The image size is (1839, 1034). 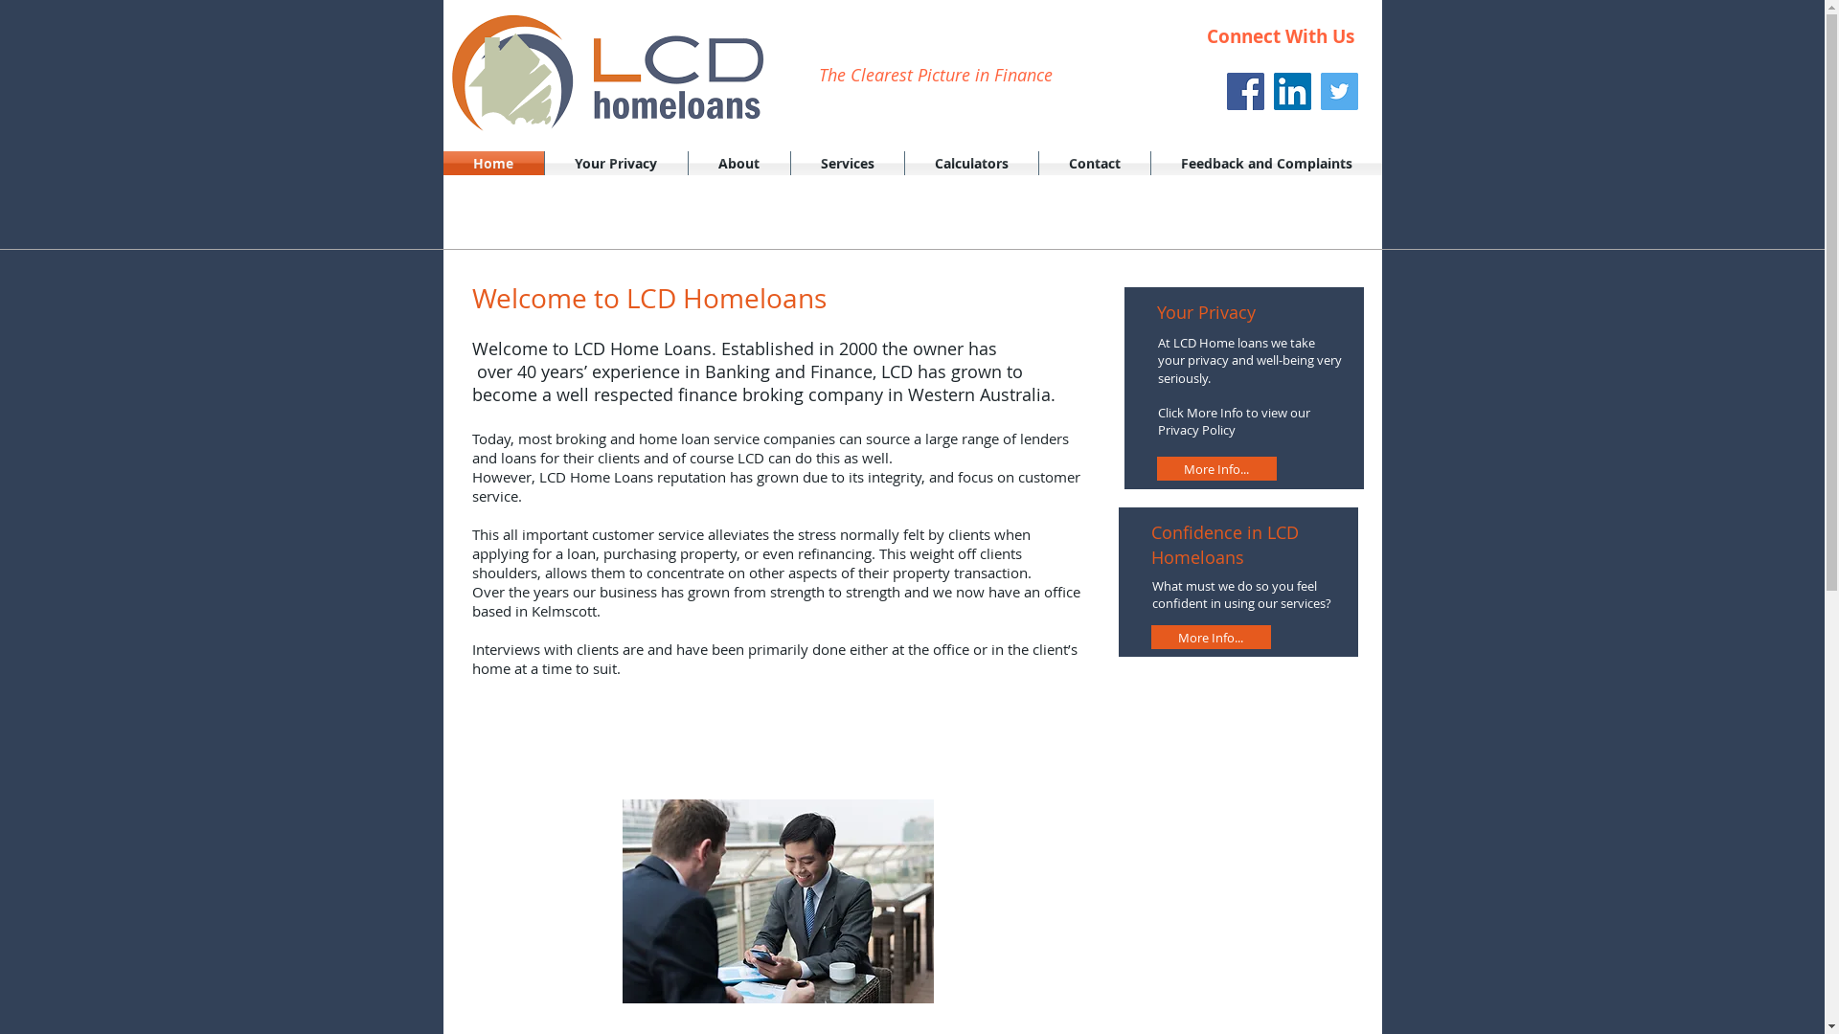 I want to click on 'Calculators', so click(x=970, y=162).